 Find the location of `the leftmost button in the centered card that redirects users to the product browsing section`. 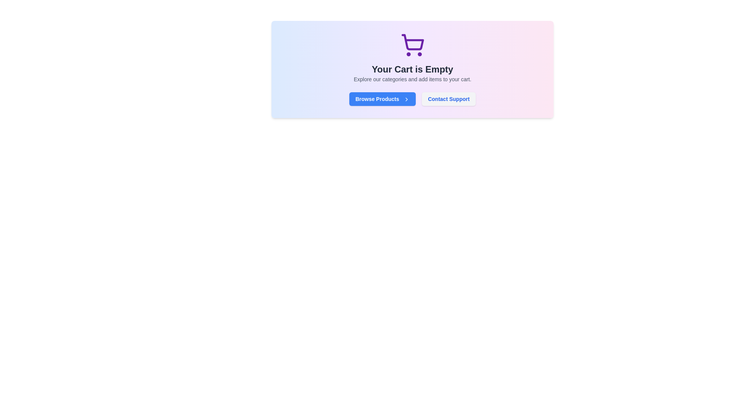

the leftmost button in the centered card that redirects users to the product browsing section is located at coordinates (382, 99).